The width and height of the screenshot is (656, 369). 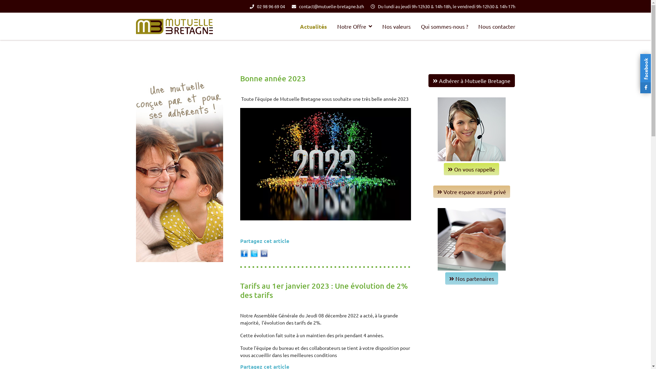 I want to click on 'On vous rappelle', so click(x=471, y=169).